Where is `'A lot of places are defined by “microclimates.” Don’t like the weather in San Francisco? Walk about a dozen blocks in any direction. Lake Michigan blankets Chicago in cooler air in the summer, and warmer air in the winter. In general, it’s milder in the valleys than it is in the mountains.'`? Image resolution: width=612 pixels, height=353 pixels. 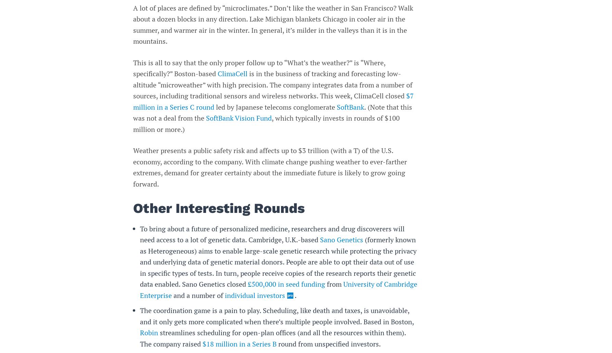 'A lot of places are defined by “microclimates.” Don’t like the weather in San Francisco? Walk about a dozen blocks in any direction. Lake Michigan blankets Chicago in cooler air in the summer, and warmer air in the winter. In general, it’s milder in the valleys than it is in the mountains.' is located at coordinates (272, 24).